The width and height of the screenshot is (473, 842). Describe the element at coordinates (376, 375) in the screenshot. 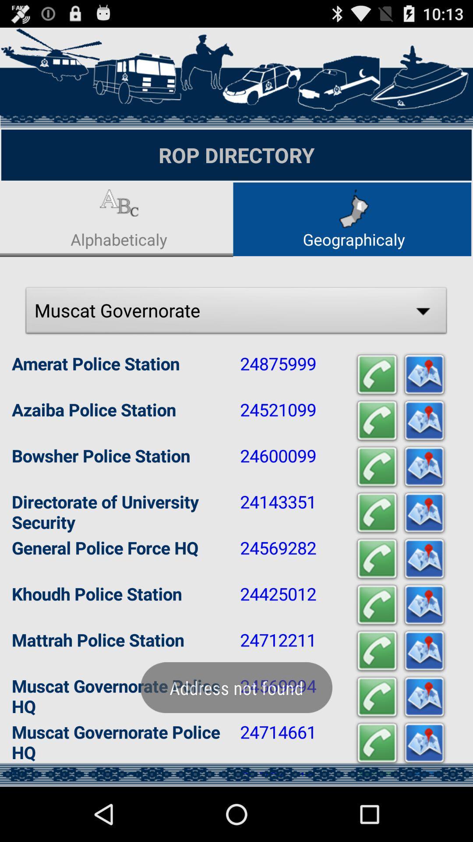

I see `the first icon which is right to the number 24875999` at that location.